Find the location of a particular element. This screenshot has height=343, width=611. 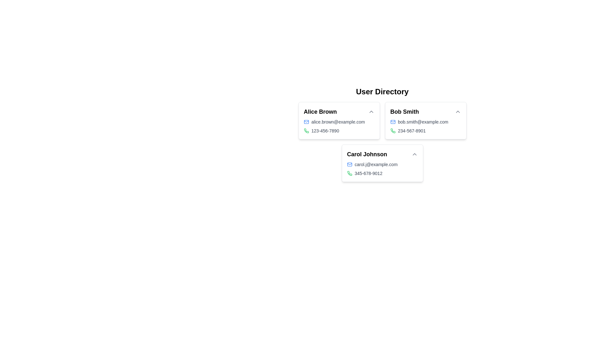

the rectangular SVG element with rounded corners that forms part of the envelope icon located below 'Bob Smith' in the user directory interface is located at coordinates (349, 164).